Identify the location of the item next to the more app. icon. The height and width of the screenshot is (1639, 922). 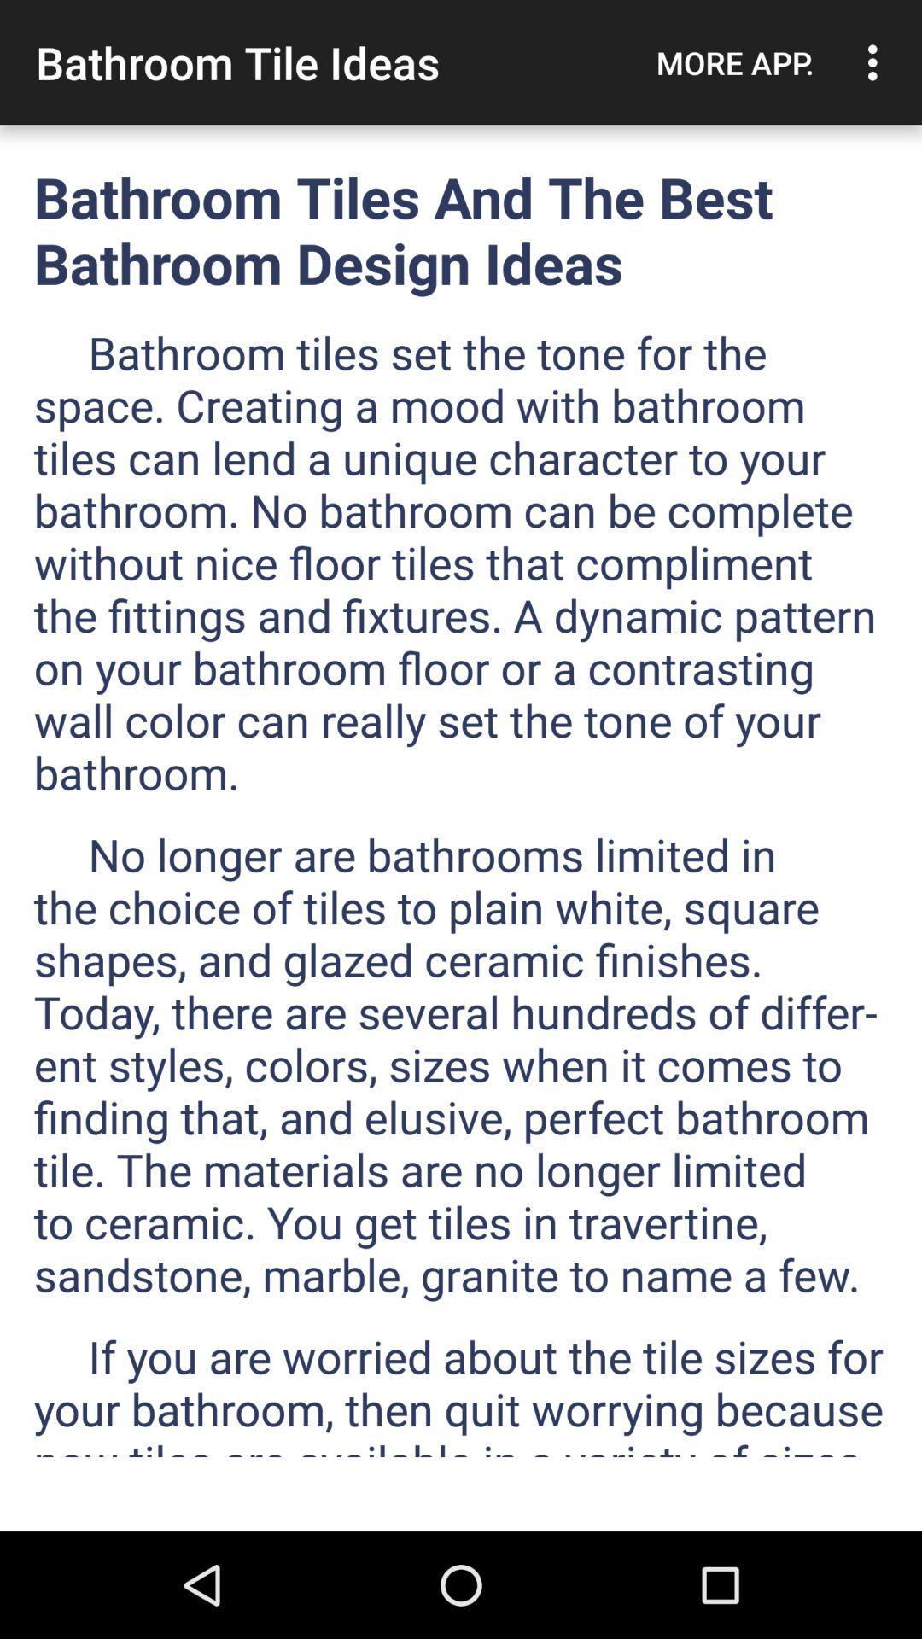
(877, 62).